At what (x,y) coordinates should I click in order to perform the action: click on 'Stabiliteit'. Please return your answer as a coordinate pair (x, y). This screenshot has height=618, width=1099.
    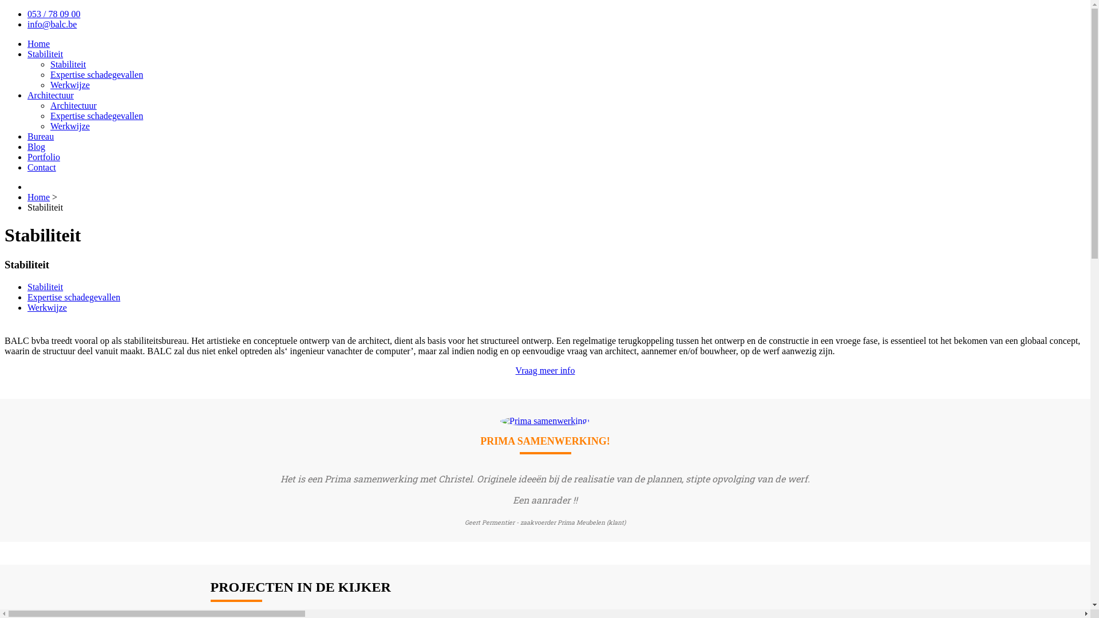
    Looking at the image, I should click on (68, 64).